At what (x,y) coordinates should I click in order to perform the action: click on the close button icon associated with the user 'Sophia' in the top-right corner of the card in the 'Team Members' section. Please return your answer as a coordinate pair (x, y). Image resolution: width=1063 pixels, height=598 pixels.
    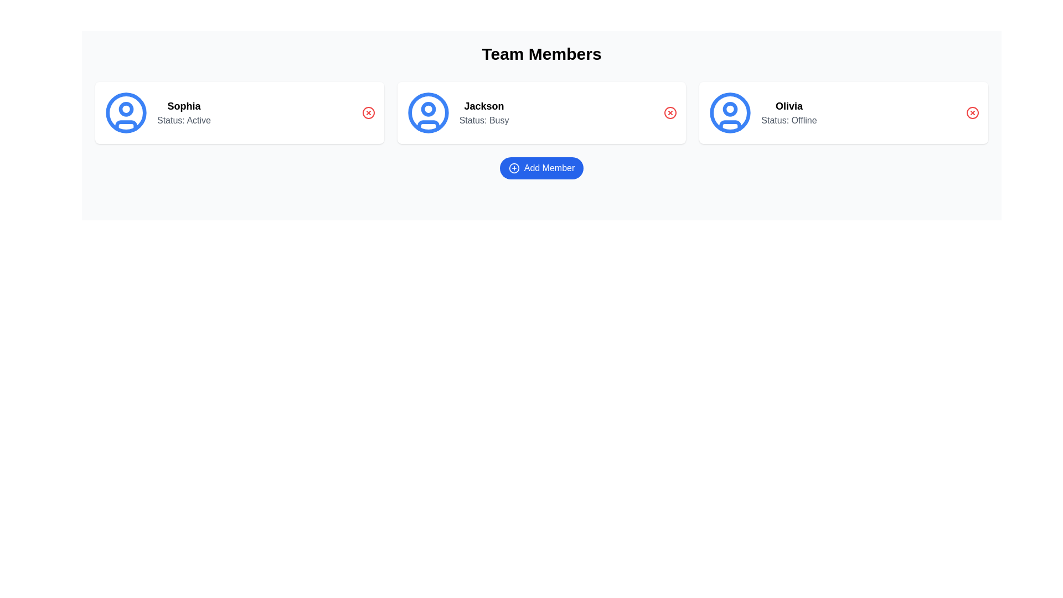
    Looking at the image, I should click on (368, 113).